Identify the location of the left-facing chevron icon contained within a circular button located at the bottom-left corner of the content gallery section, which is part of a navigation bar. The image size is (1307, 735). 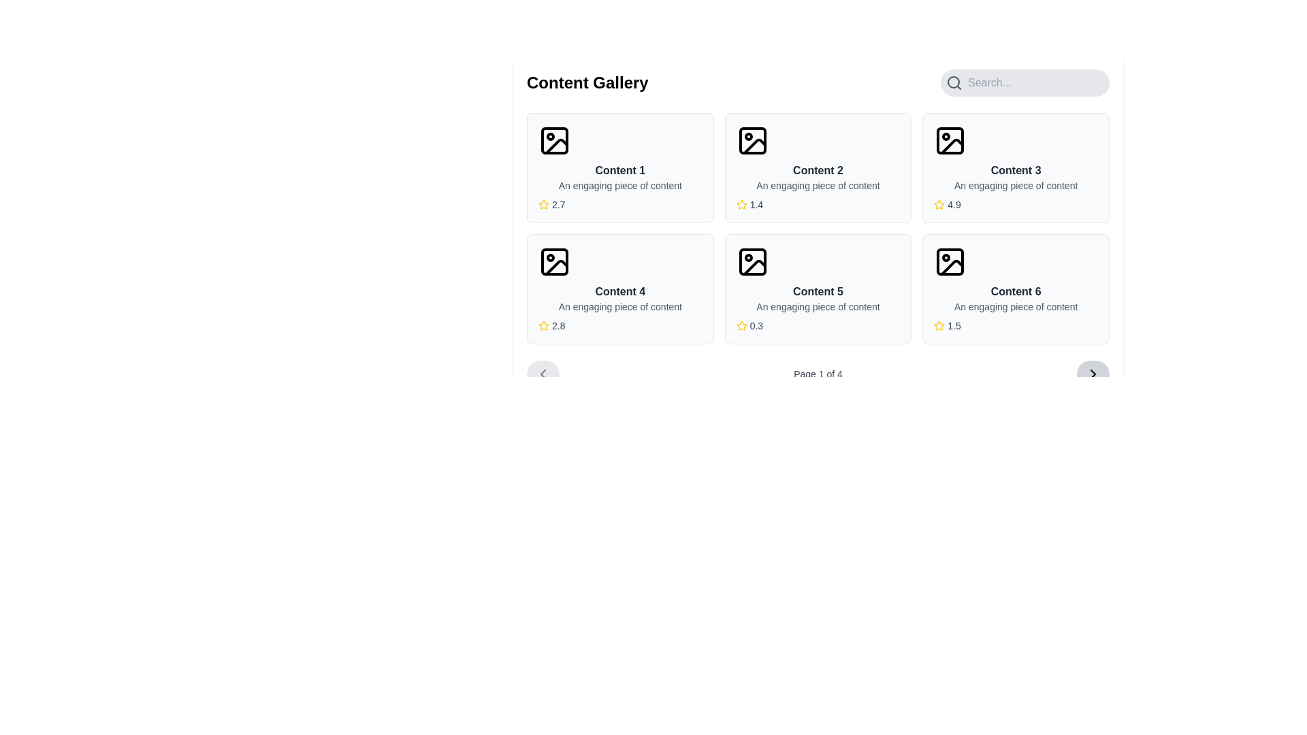
(542, 374).